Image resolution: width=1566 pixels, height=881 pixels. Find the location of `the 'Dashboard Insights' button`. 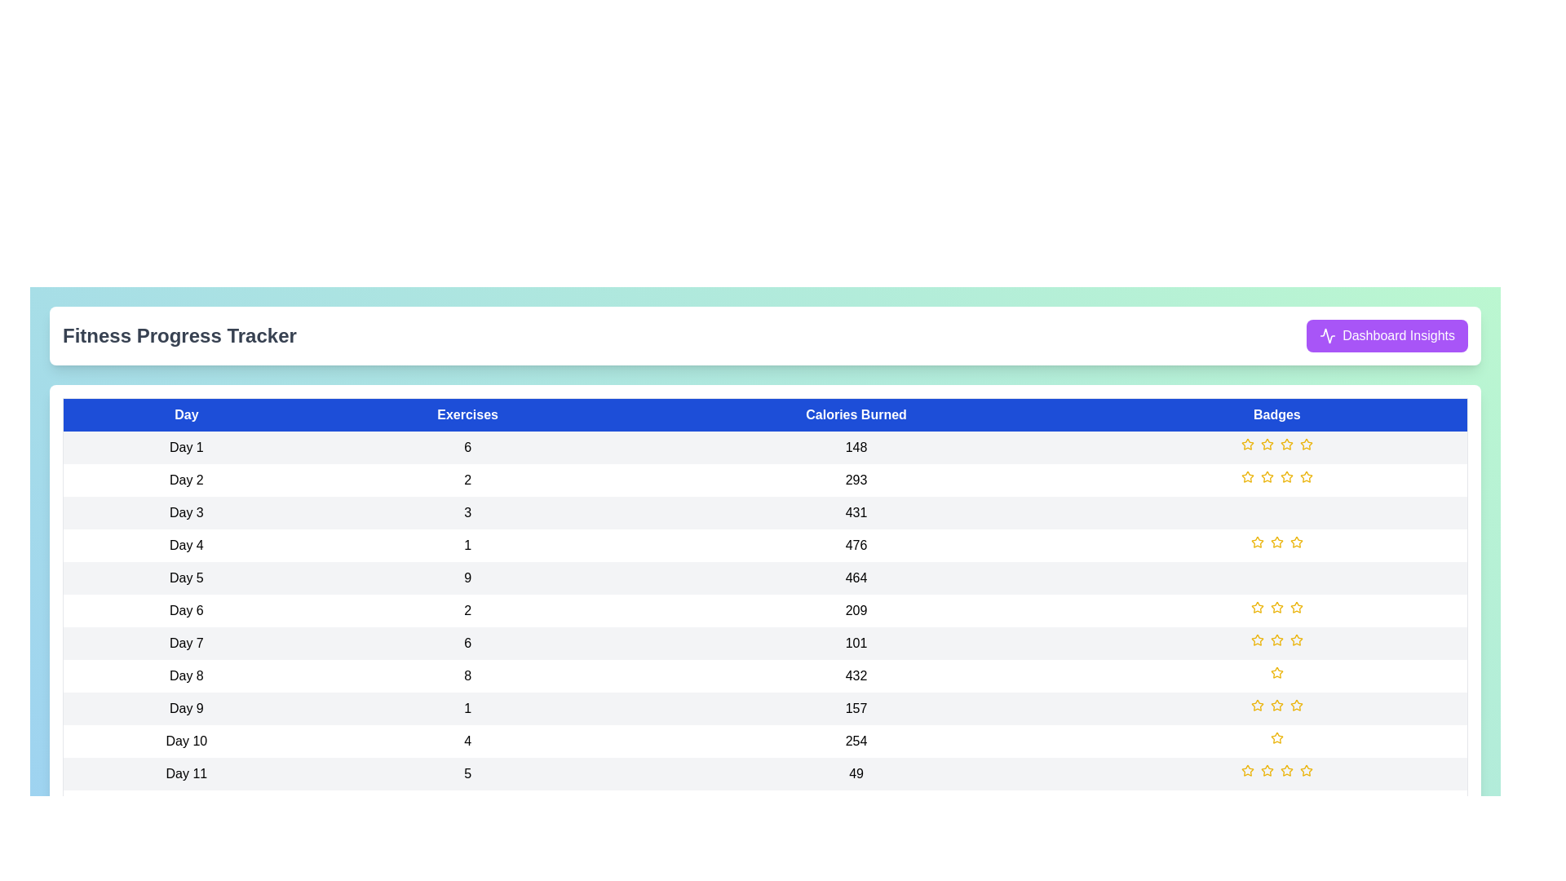

the 'Dashboard Insights' button is located at coordinates (1386, 335).